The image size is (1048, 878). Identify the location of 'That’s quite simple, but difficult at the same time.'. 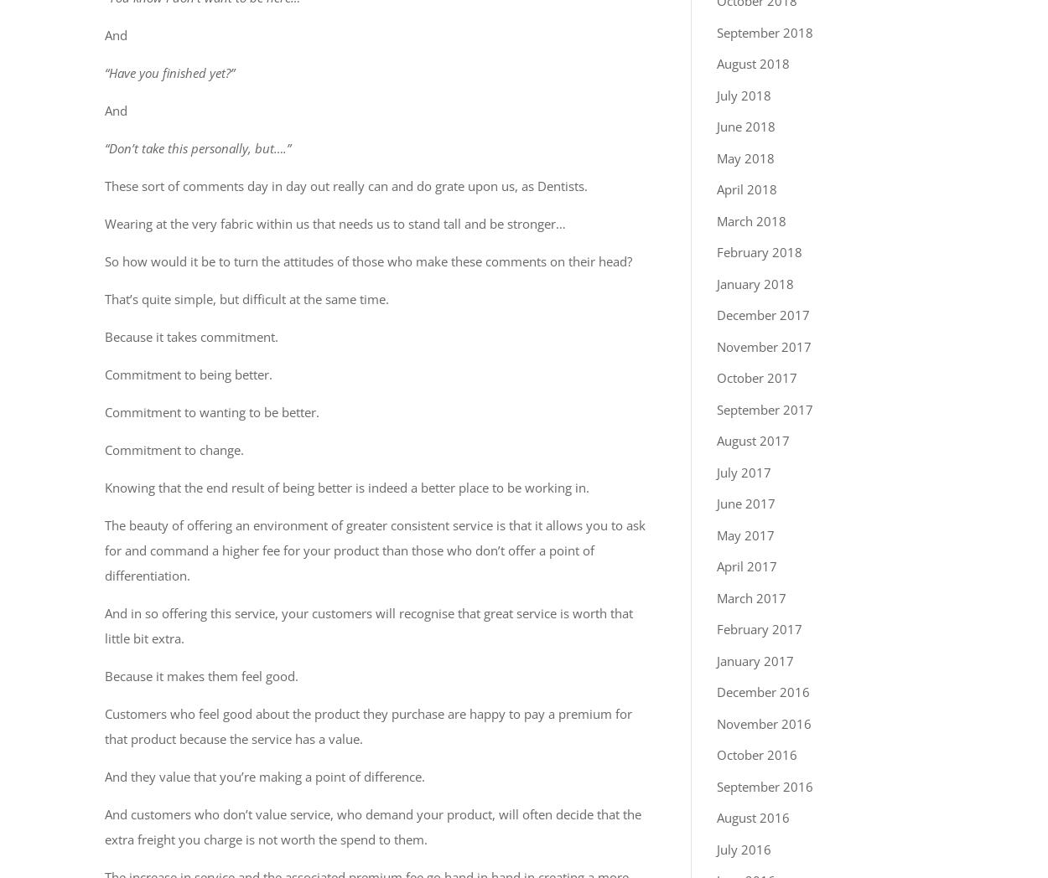
(246, 297).